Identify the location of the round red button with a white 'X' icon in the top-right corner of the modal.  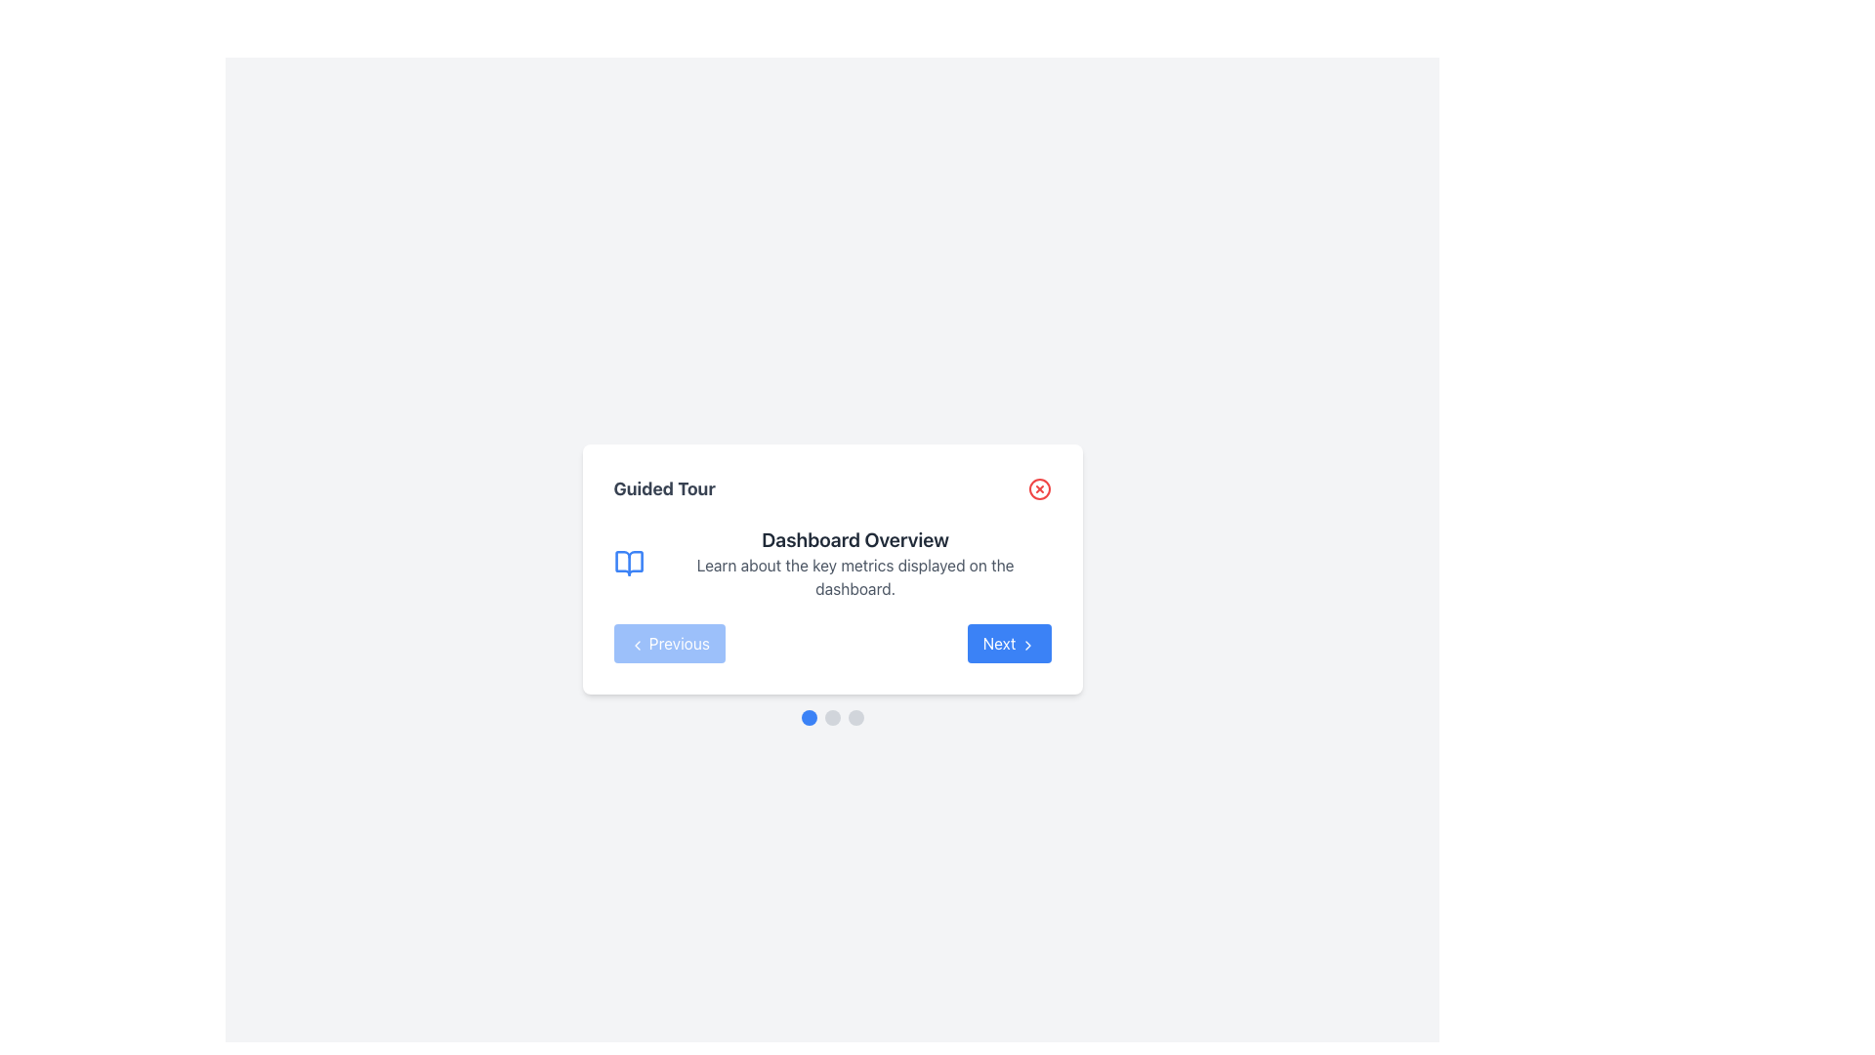
(1038, 488).